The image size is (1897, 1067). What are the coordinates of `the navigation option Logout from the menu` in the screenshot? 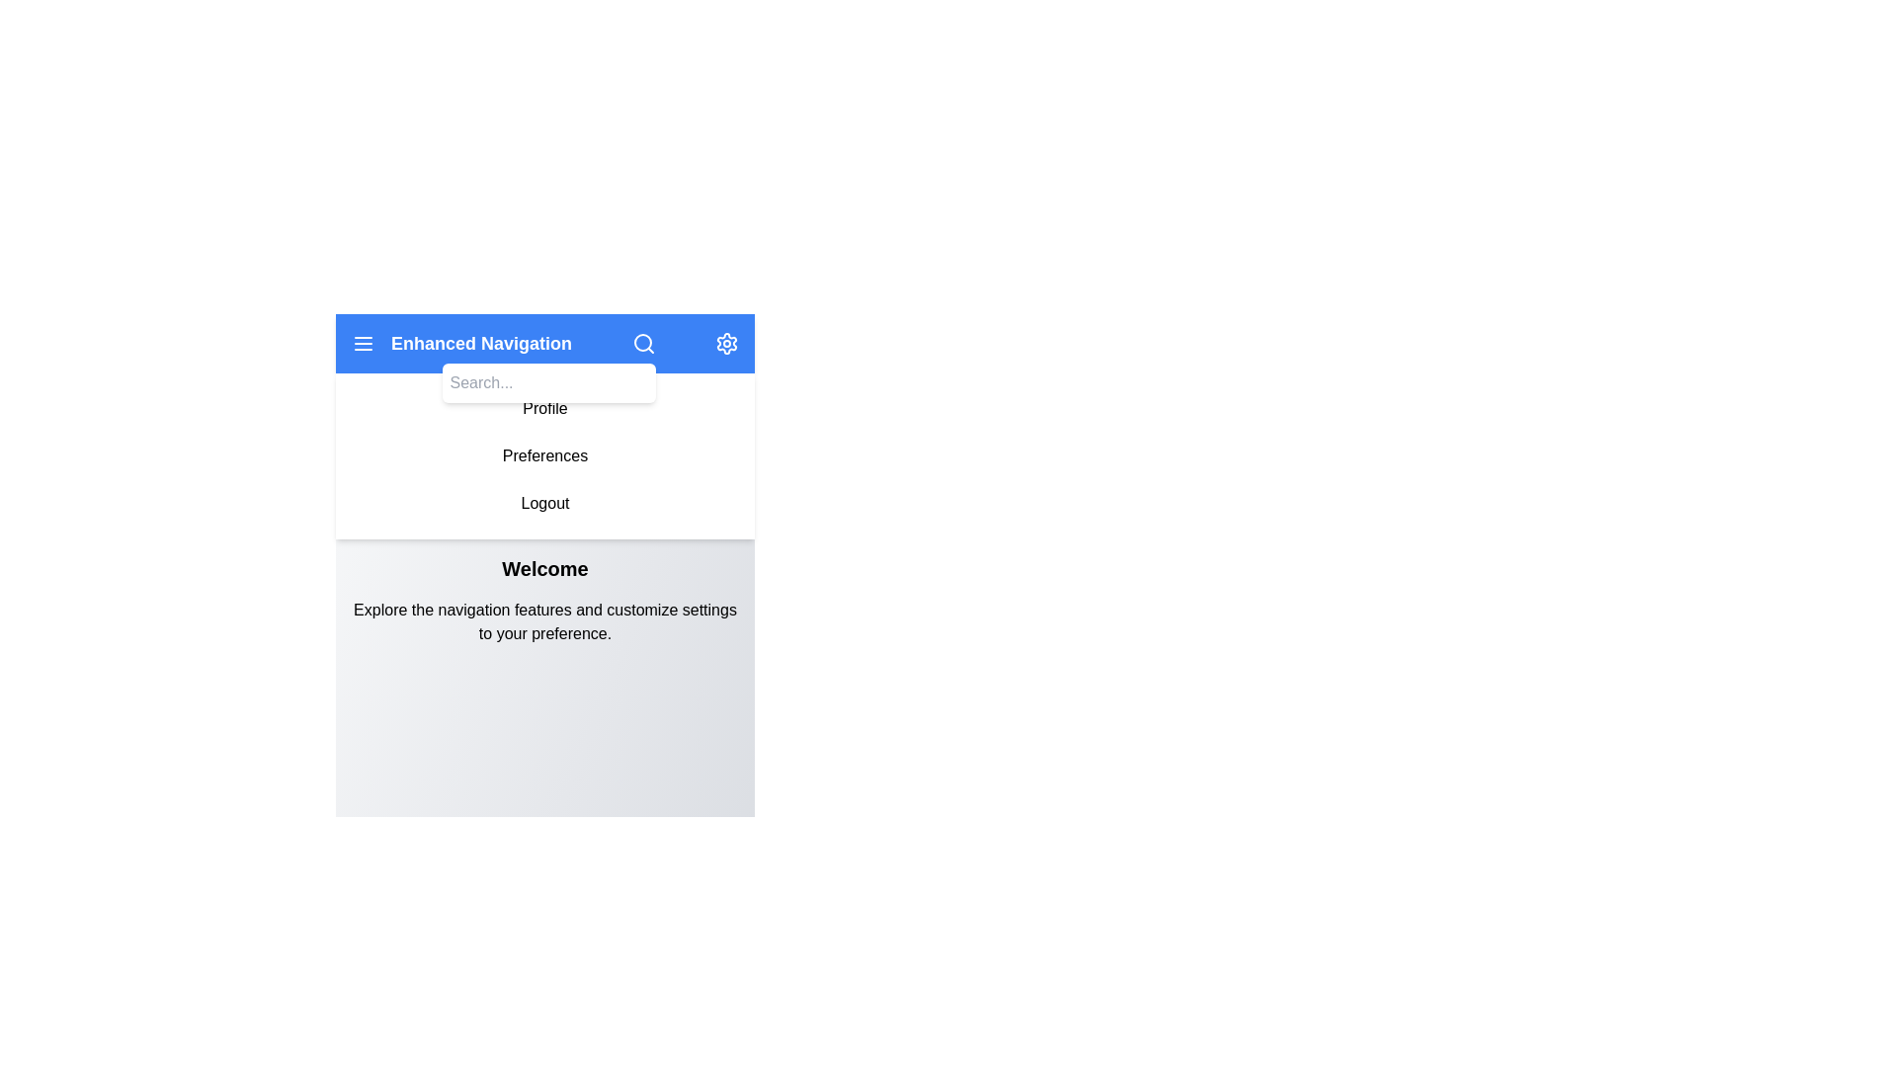 It's located at (545, 502).